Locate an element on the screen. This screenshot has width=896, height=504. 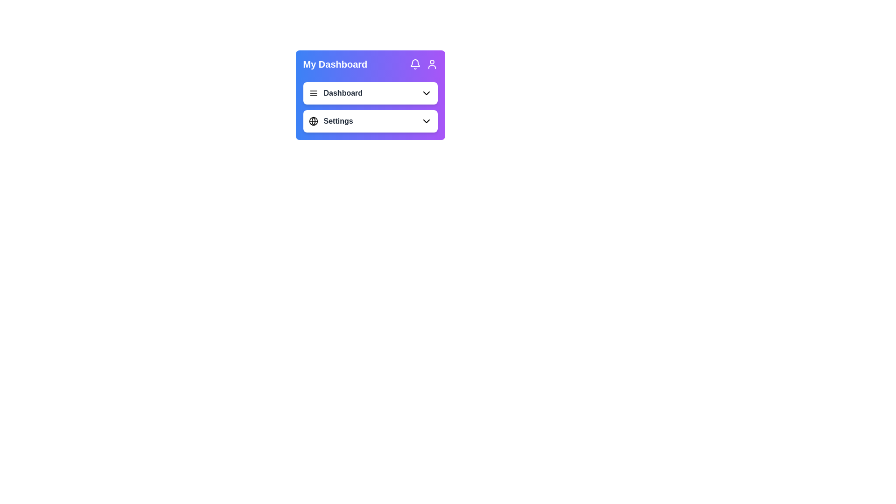
the Dropdown Indicator Icon, which is a downward arrow located at the far right edge of the 'Settings' button is located at coordinates (426, 120).